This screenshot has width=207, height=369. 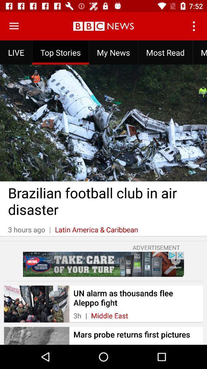 I want to click on menu items, so click(x=14, y=26).